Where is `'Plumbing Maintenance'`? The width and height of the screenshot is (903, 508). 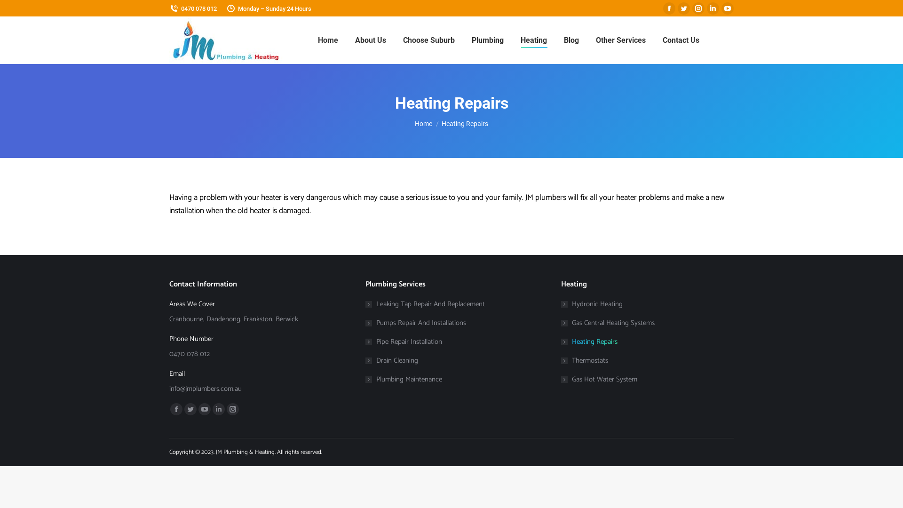
'Plumbing Maintenance' is located at coordinates (365, 379).